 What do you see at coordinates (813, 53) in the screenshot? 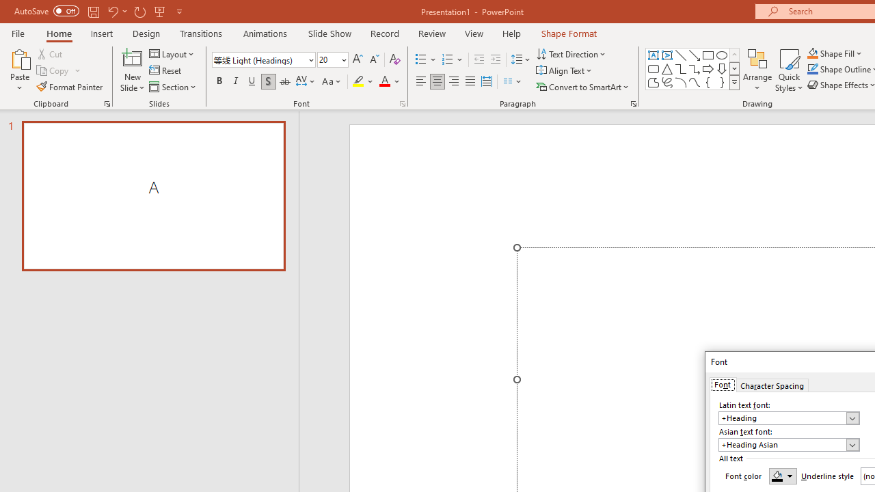
I see `'Shape Fill Orange, Accent 2'` at bounding box center [813, 53].